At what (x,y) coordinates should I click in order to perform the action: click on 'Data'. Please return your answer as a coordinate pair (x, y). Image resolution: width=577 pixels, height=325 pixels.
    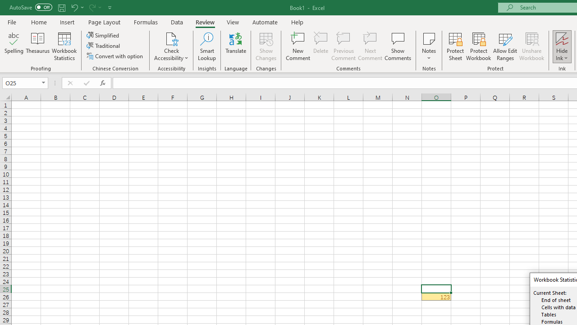
    Looking at the image, I should click on (177, 22).